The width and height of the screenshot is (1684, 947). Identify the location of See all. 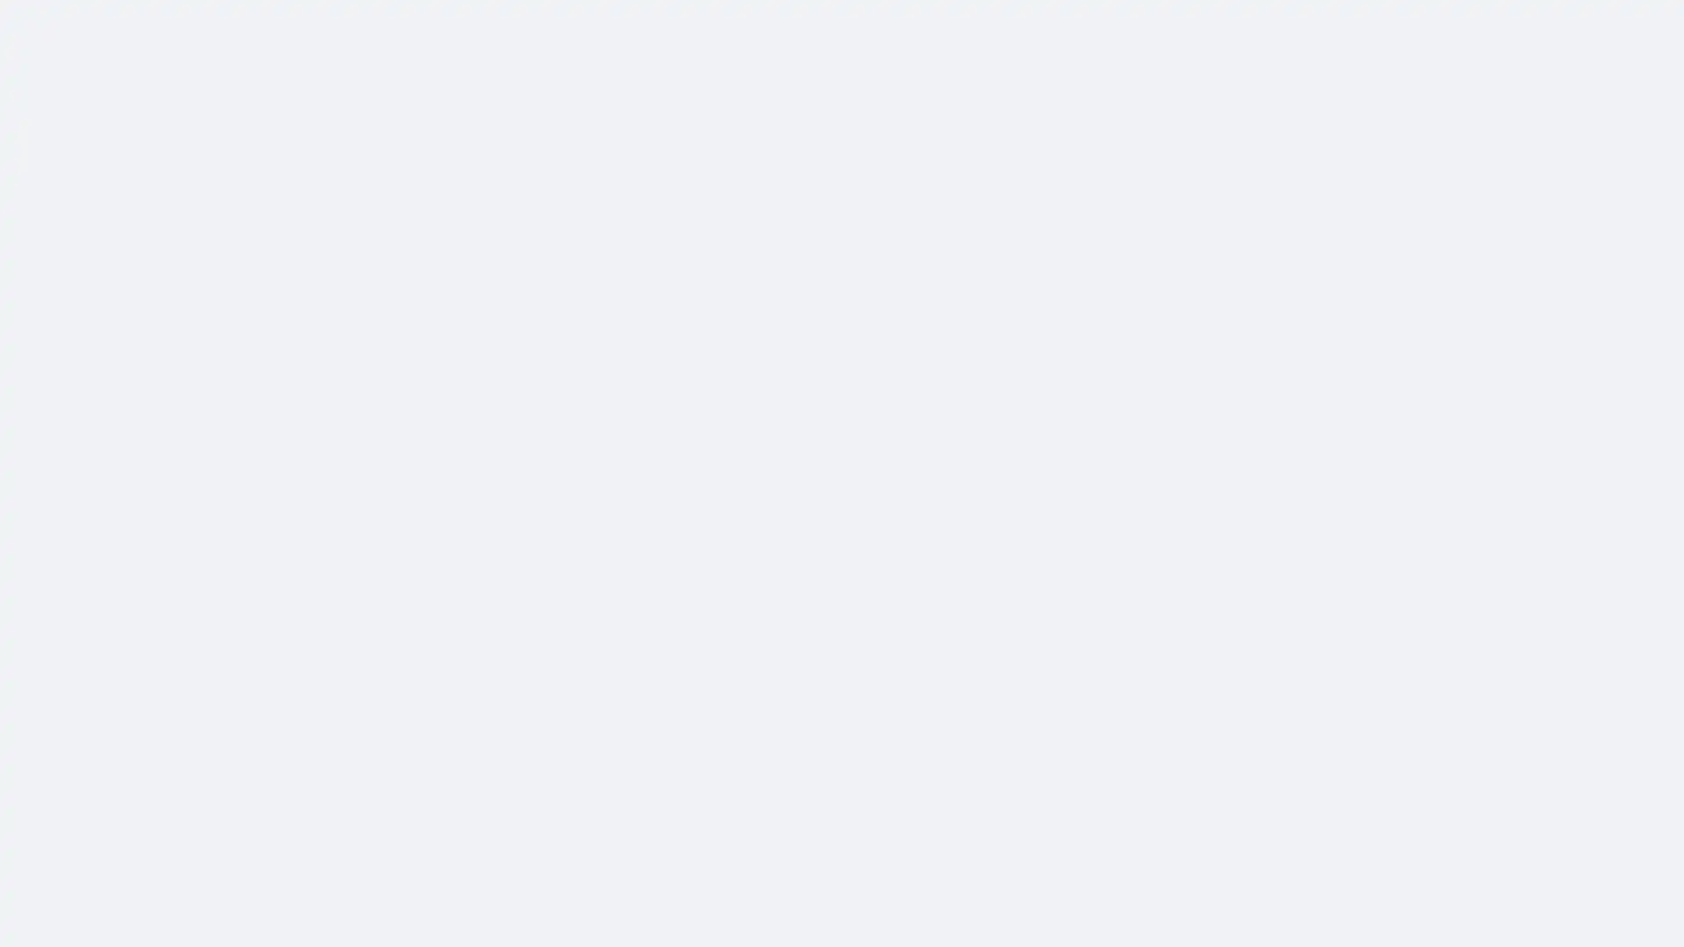
(737, 825).